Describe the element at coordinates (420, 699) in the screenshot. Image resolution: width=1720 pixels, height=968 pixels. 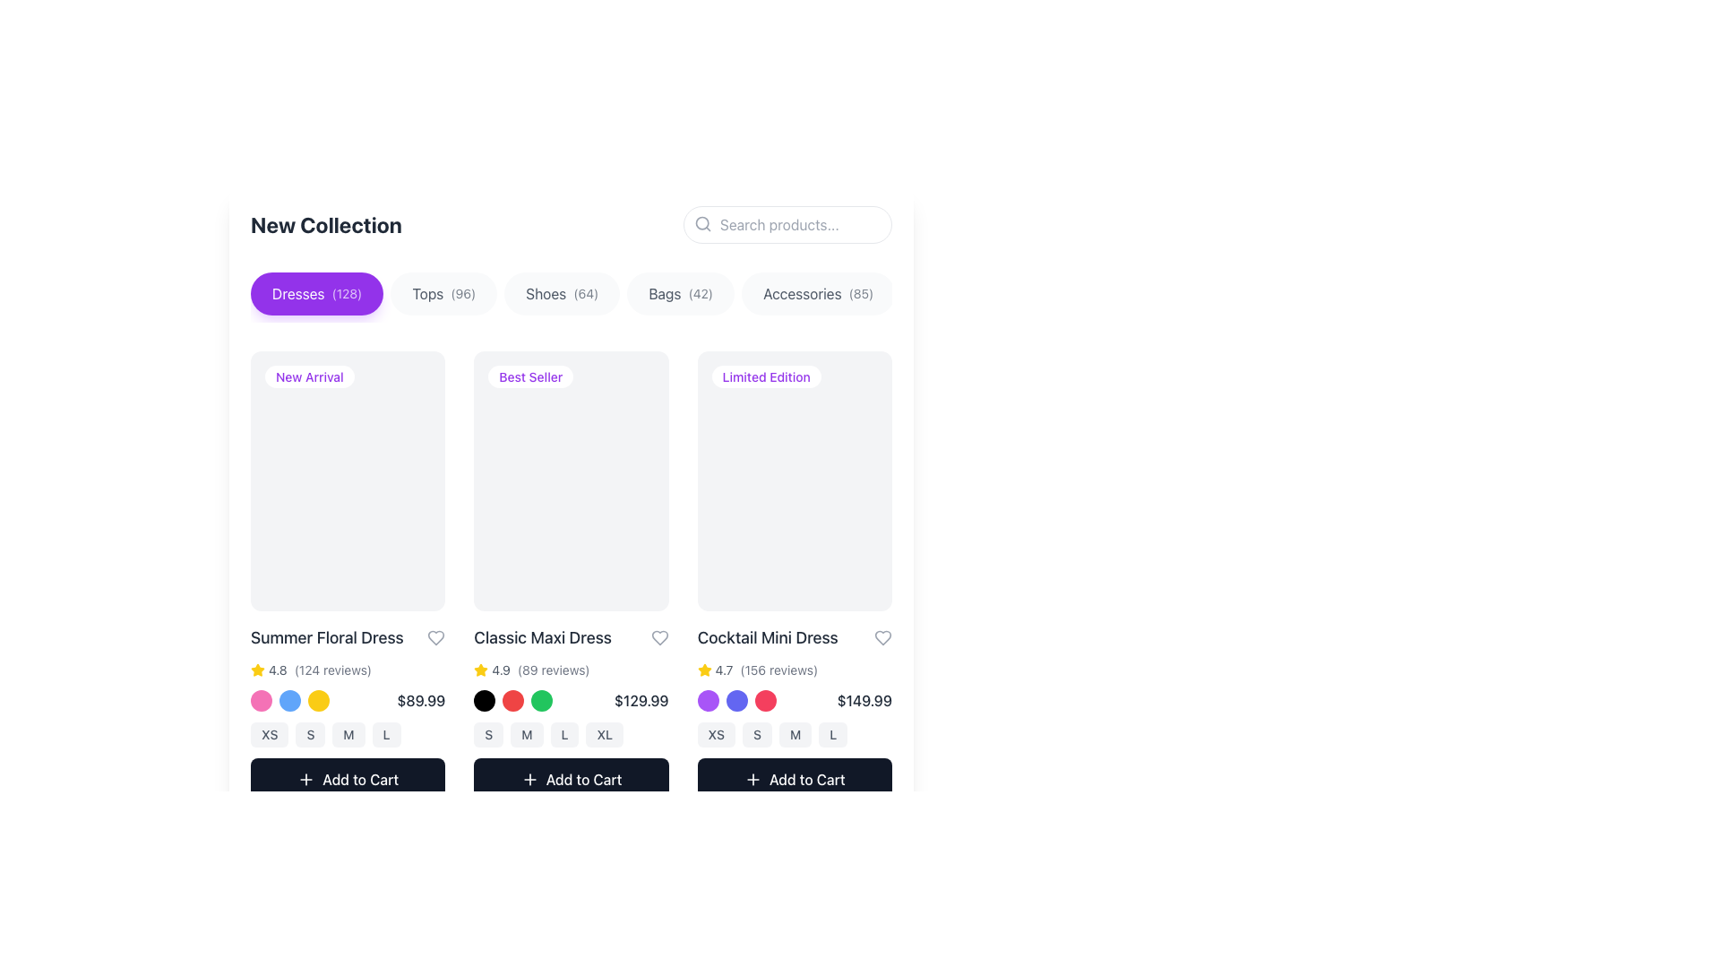
I see `the text label displaying the price '$89.99'` at that location.